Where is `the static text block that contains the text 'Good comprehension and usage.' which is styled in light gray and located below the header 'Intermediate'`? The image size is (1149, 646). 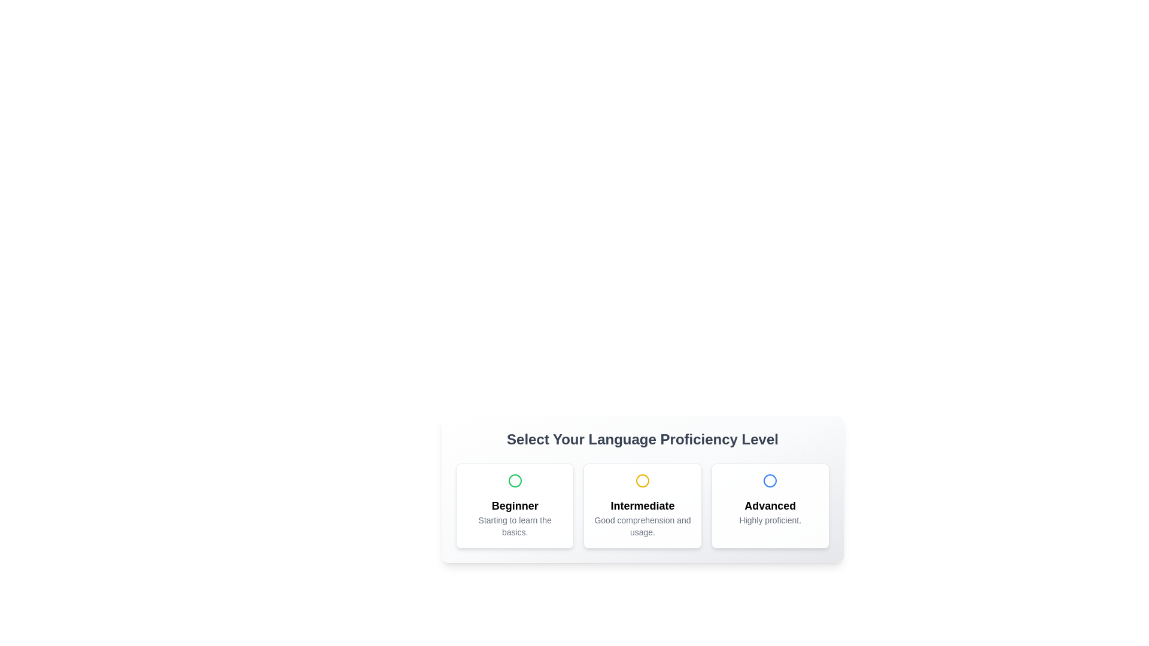
the static text block that contains the text 'Good comprehension and usage.' which is styled in light gray and located below the header 'Intermediate' is located at coordinates (642, 525).